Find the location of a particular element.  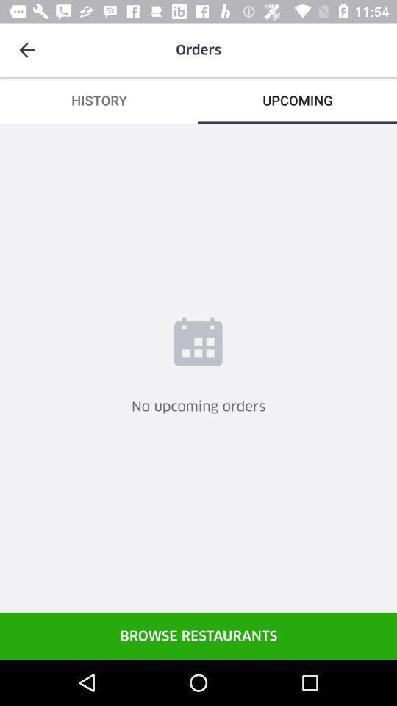

browse restaurants item is located at coordinates (198, 635).